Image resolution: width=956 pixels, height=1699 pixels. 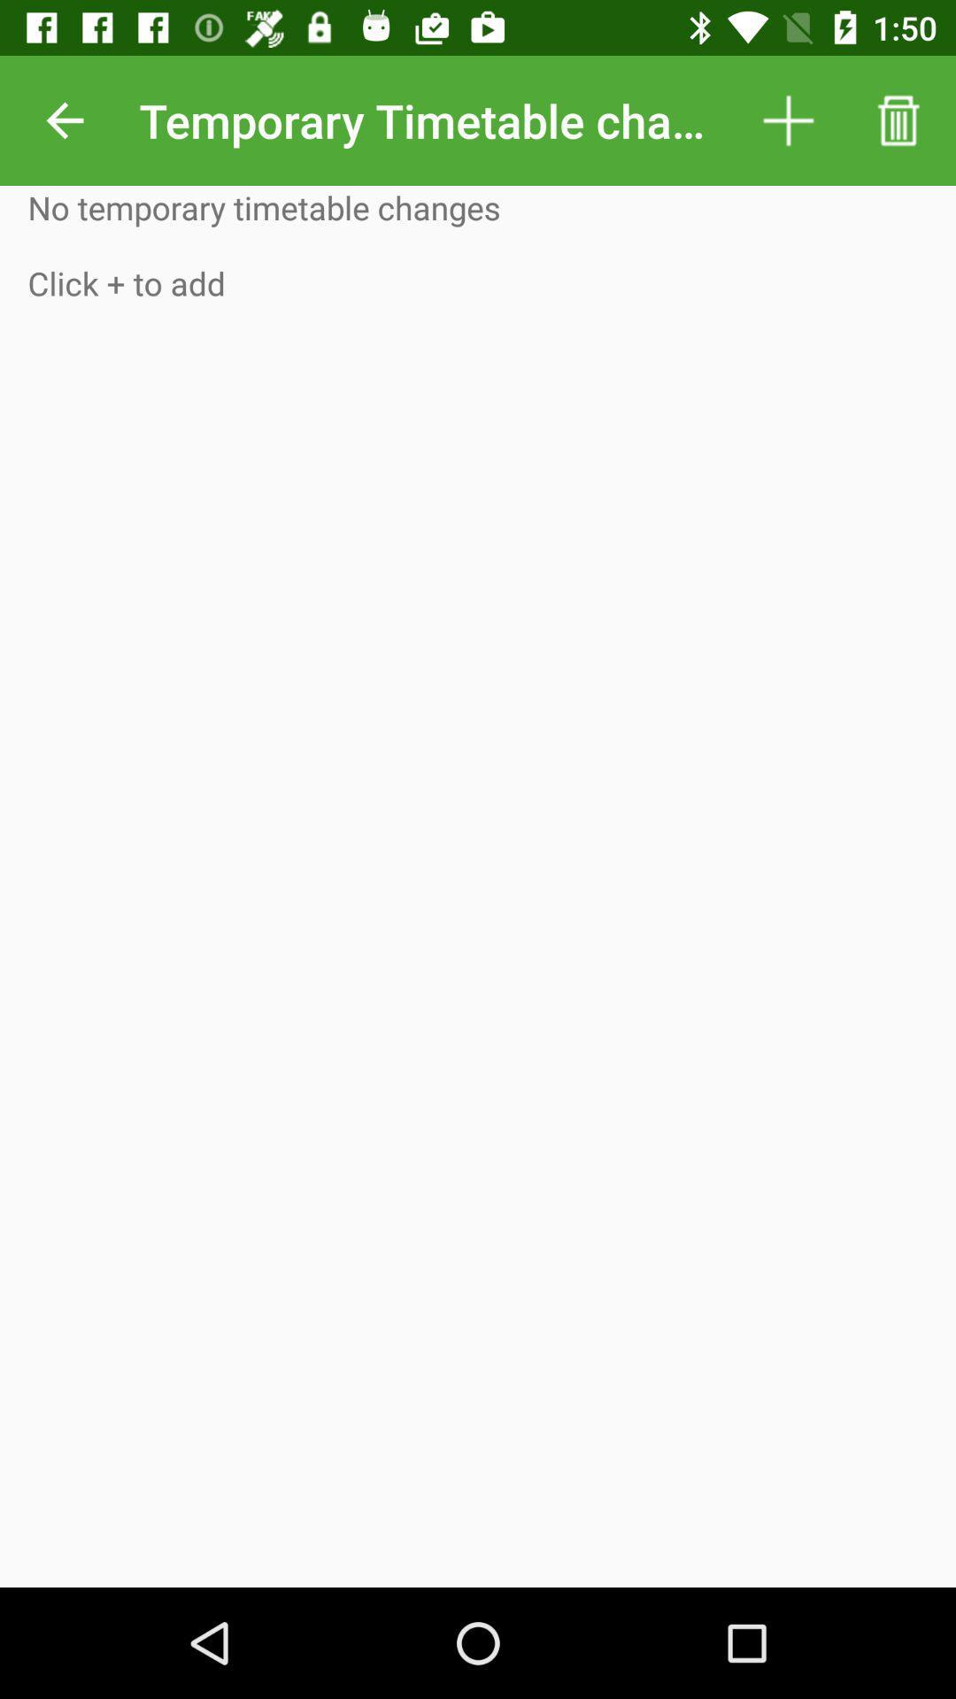 I want to click on the app to the left of temporary timetable changes, so click(x=64, y=119).